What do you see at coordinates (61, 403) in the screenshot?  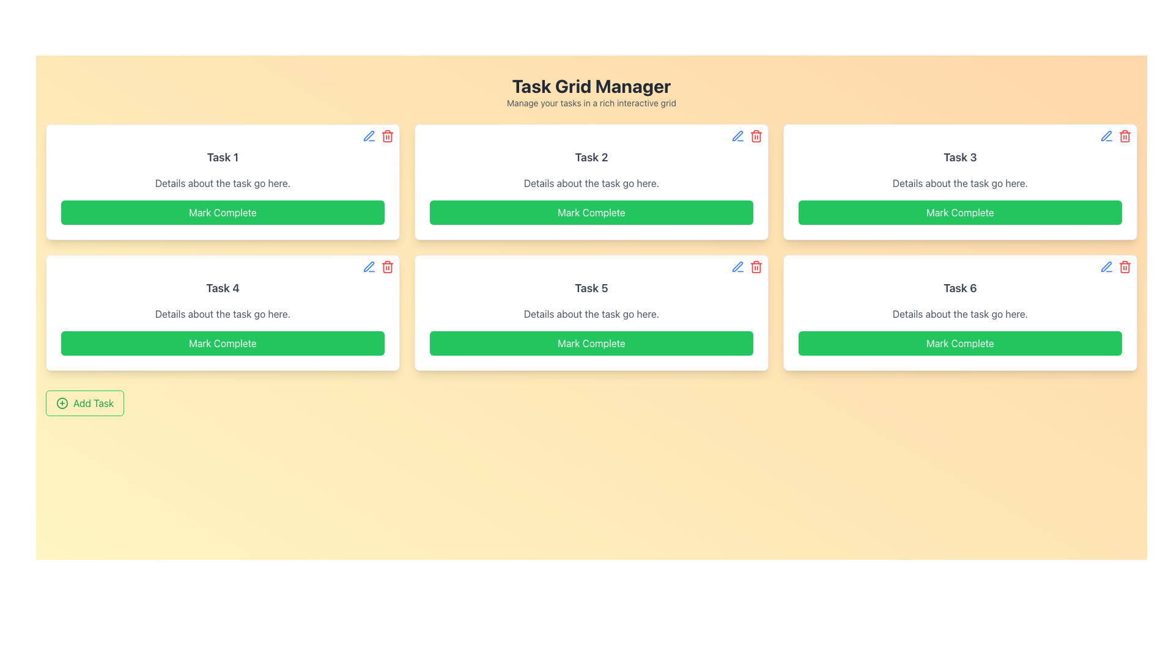 I see `the circular icon located within the 'Add Task' button at the bottom-left corner of the interface` at bounding box center [61, 403].